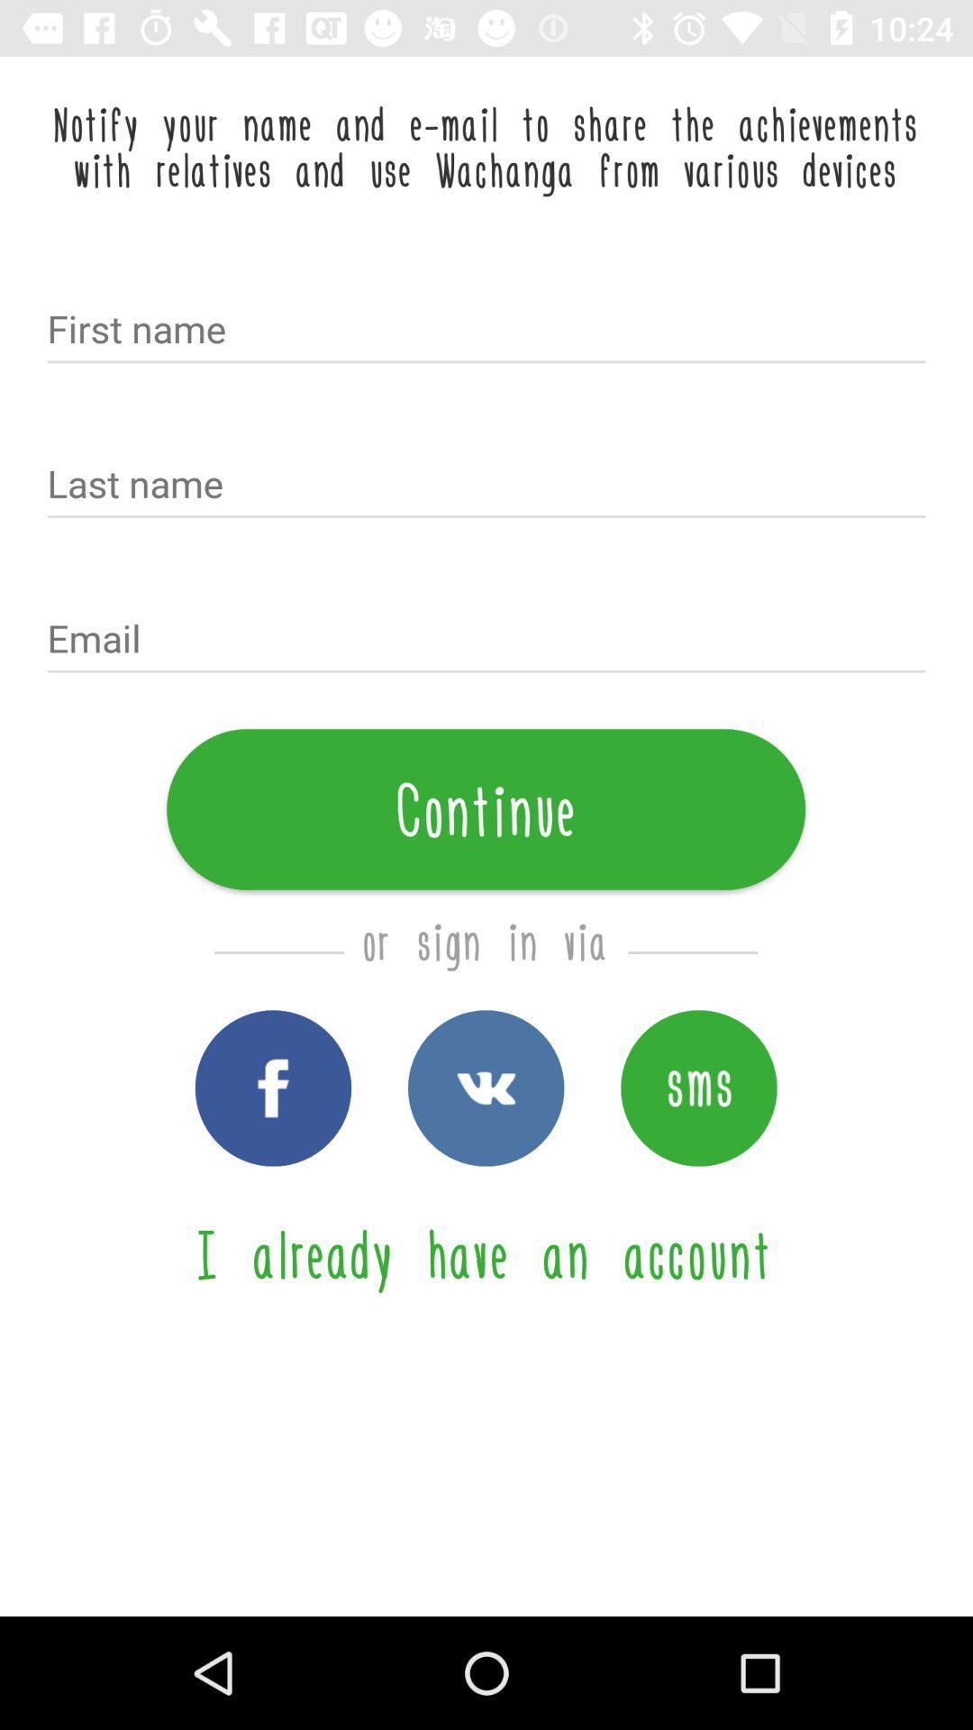 This screenshot has height=1730, width=973. Describe the element at coordinates (486, 331) in the screenshot. I see `your name` at that location.